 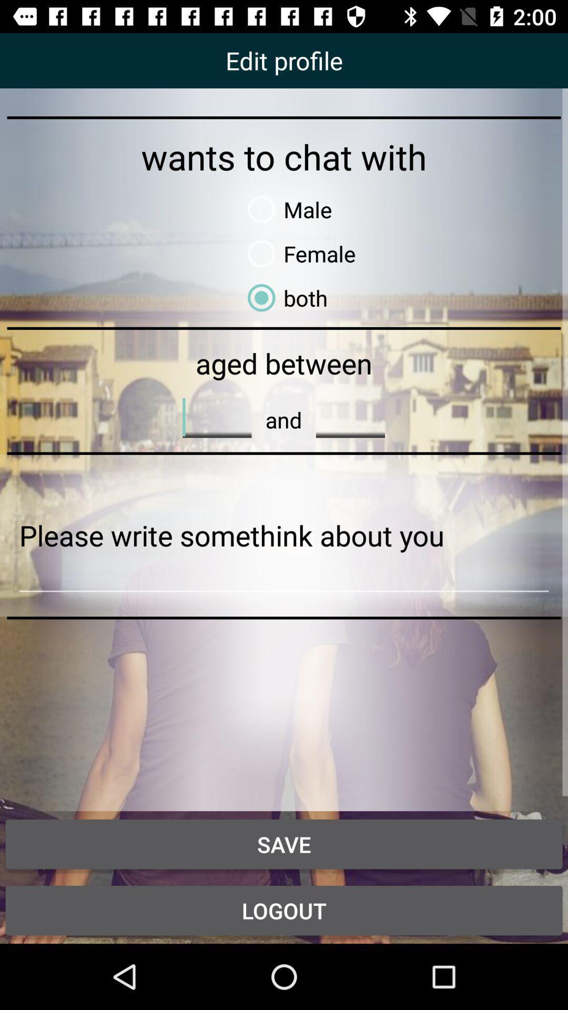 What do you see at coordinates (284, 536) in the screenshot?
I see `screen page` at bounding box center [284, 536].